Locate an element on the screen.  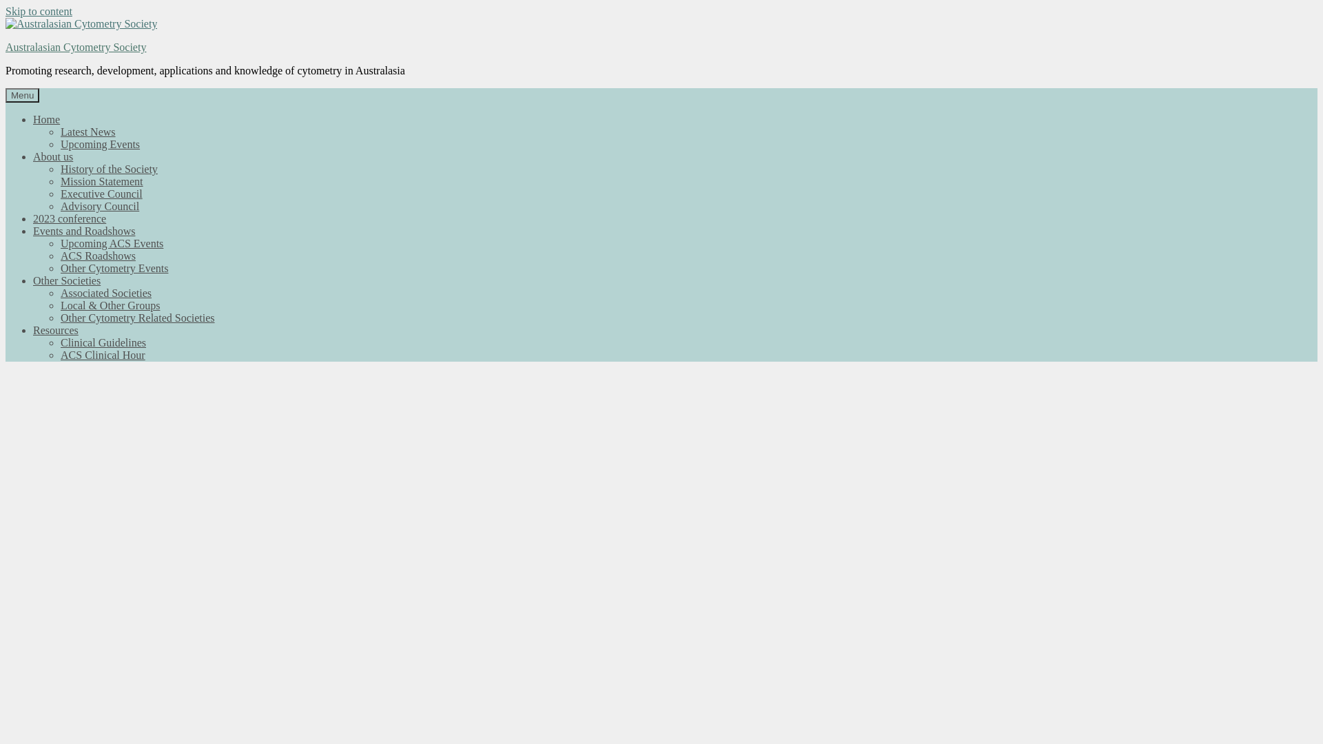
'ACS Roadshows' is located at coordinates (97, 256).